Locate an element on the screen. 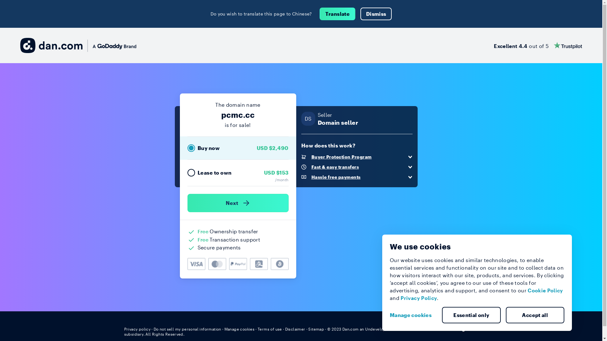 The height and width of the screenshot is (341, 607). 'Excellent 4.4 out of 5' is located at coordinates (493, 45).